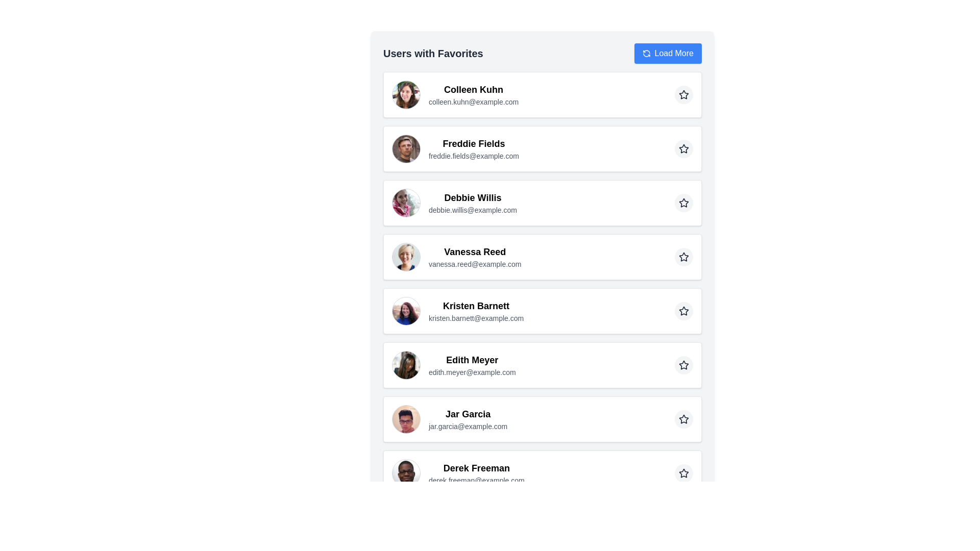 The height and width of the screenshot is (551, 980). Describe the element at coordinates (468, 419) in the screenshot. I see `text content from the text display component containing the name 'Jar Garcia' and email 'jar.garcia@example.com', which is located in the user profiles list to the right of the circular avatar` at that location.